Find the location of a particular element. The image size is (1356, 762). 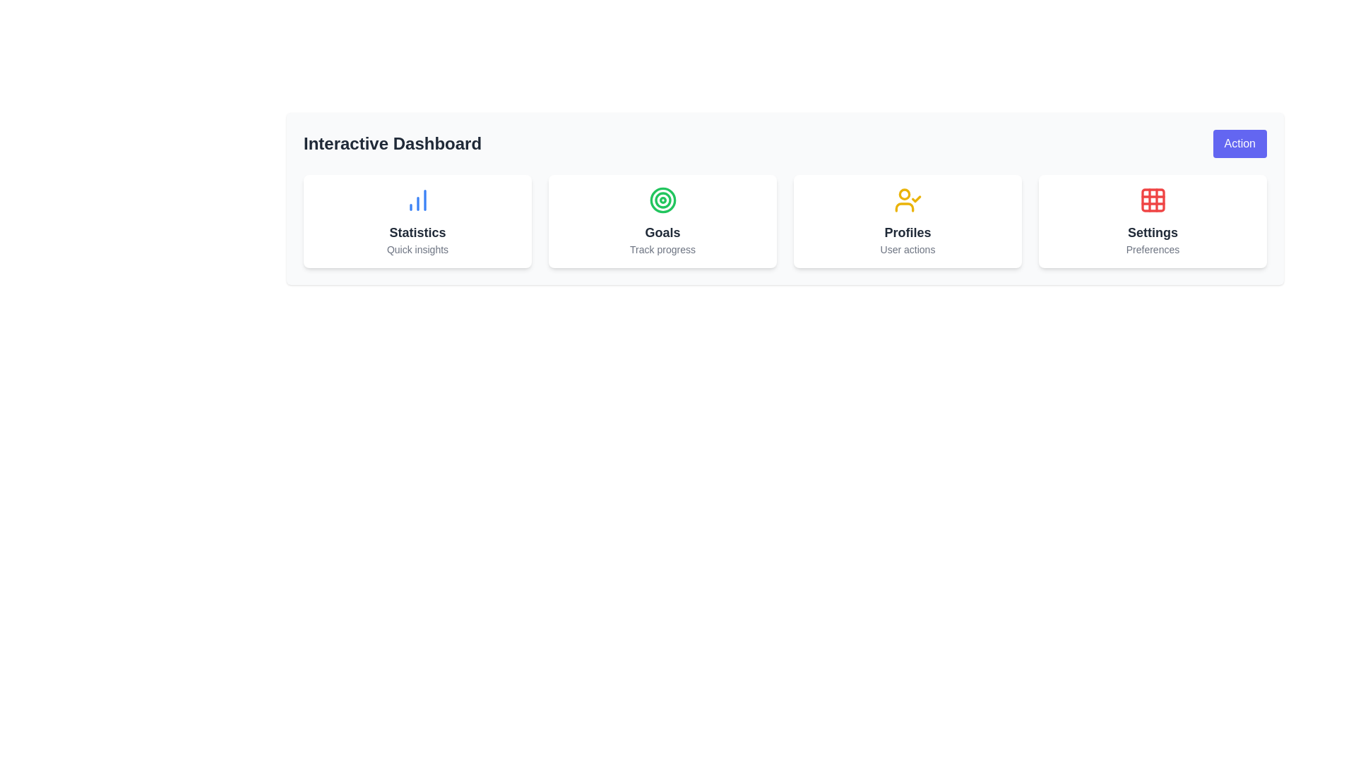

the middle circle of the target icon in the 'Goals' module, which is the second card from the left in a row of four cards is located at coordinates (662, 200).